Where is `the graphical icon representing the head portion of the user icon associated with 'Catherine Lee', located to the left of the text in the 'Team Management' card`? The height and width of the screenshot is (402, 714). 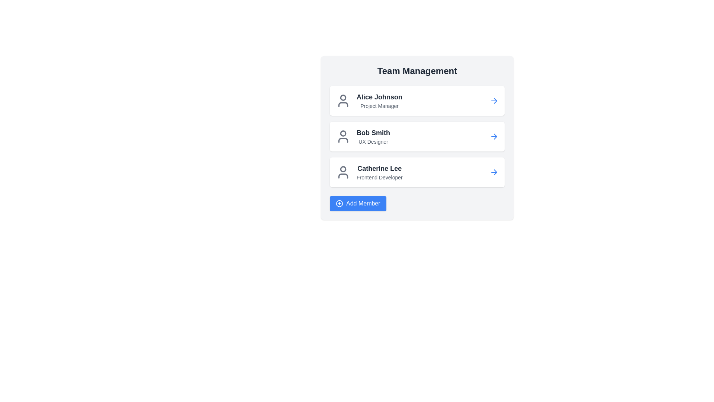
the graphical icon representing the head portion of the user icon associated with 'Catherine Lee', located to the left of the text in the 'Team Management' card is located at coordinates (342, 169).